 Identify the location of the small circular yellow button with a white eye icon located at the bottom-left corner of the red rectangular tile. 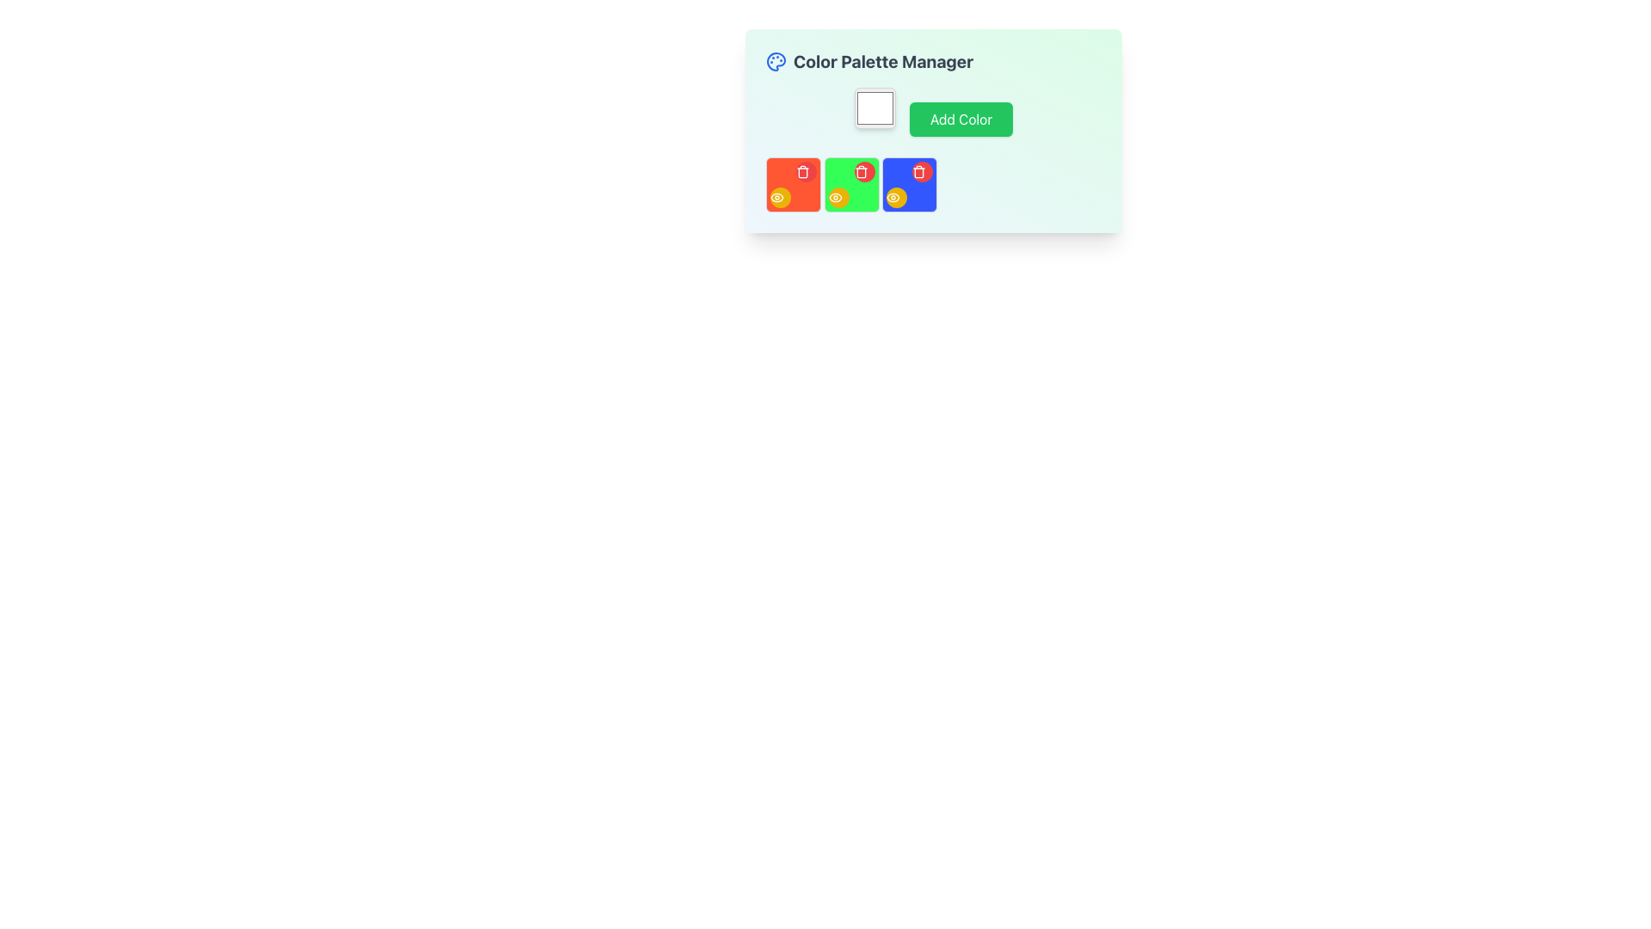
(779, 197).